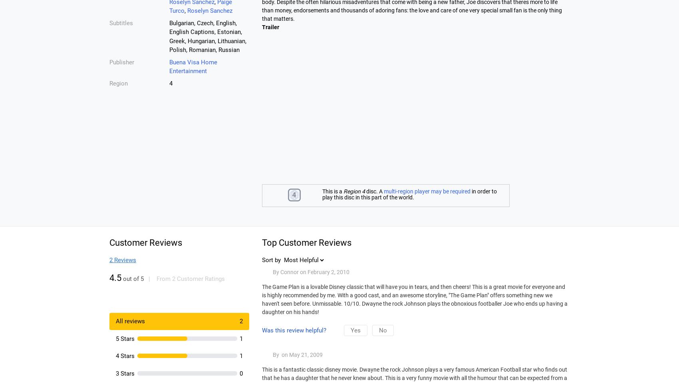  I want to click on ', Hungarian', so click(185, 40).